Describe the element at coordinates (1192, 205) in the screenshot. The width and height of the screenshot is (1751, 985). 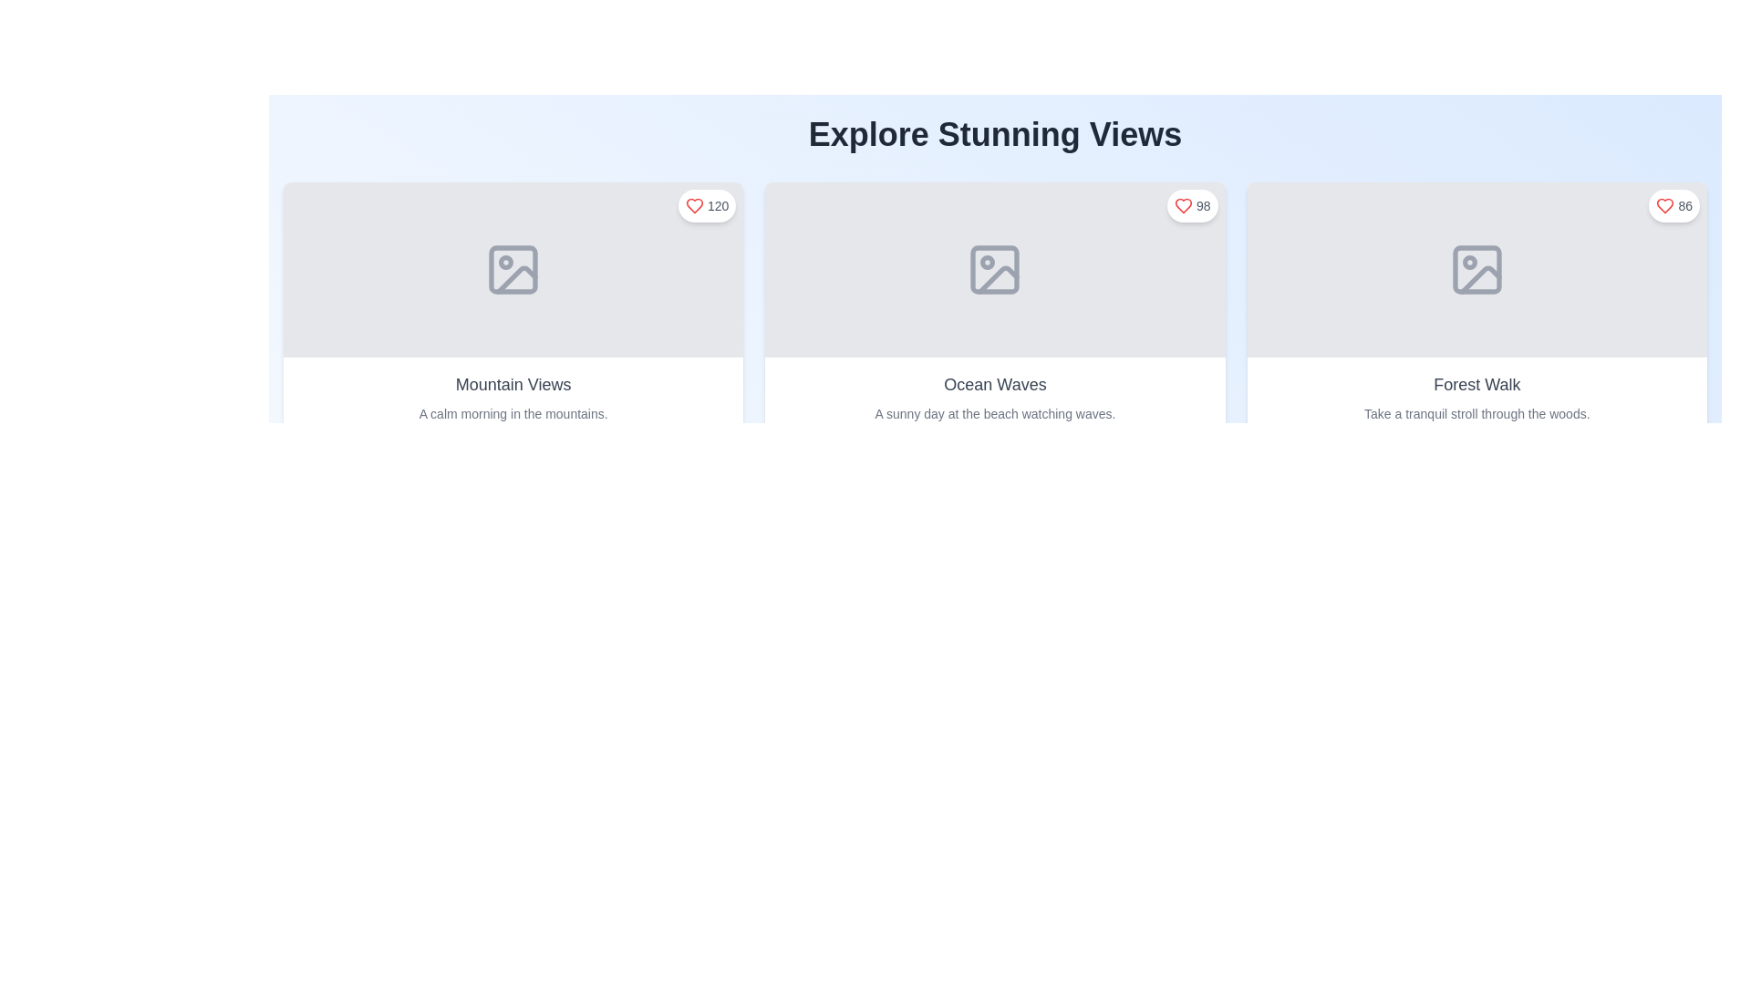
I see `the Information badge located at the top-right corner of the 'Ocean Waves' card, which features a red heart icon and the number '98' in gray typeface` at that location.